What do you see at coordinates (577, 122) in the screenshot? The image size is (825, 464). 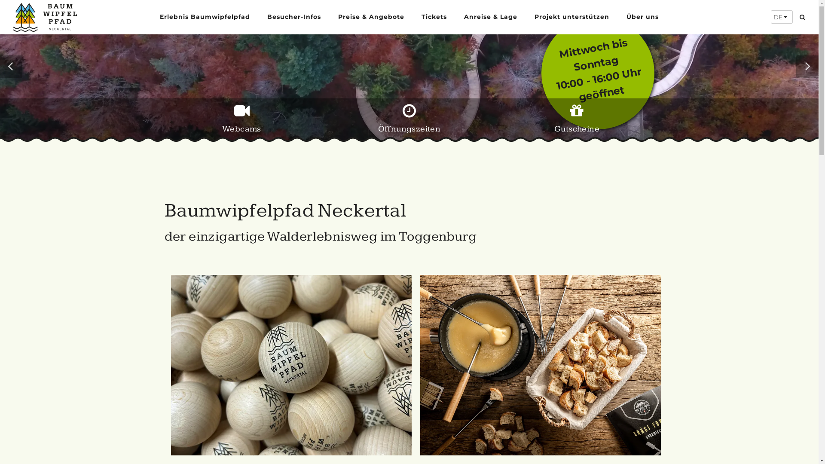 I see `'Gutscheine'` at bounding box center [577, 122].